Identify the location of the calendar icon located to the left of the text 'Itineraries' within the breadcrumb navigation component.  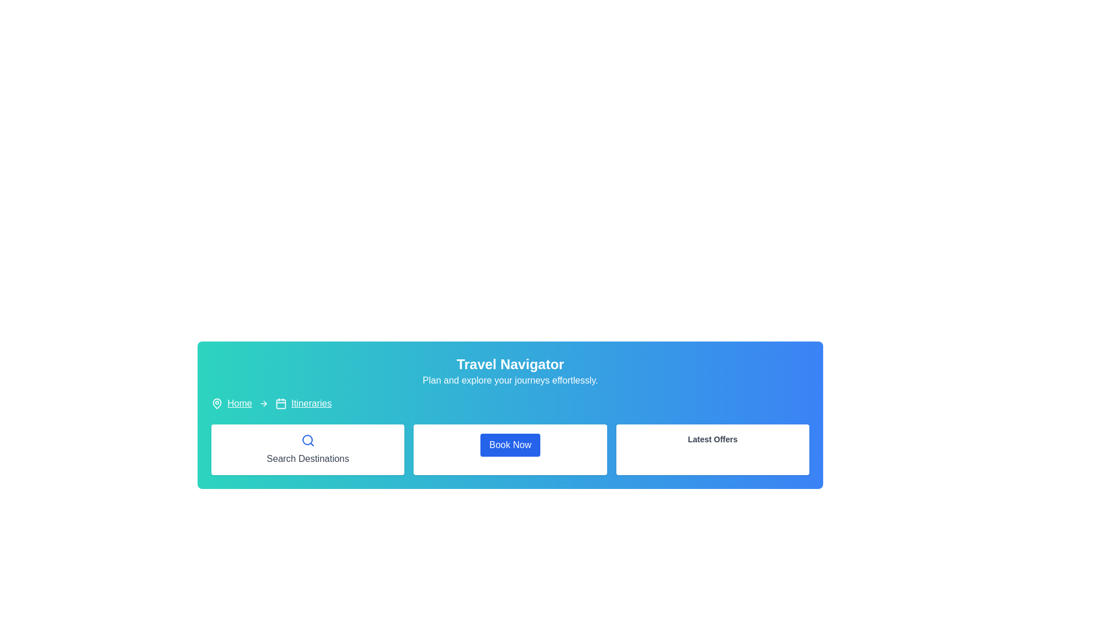
(281, 403).